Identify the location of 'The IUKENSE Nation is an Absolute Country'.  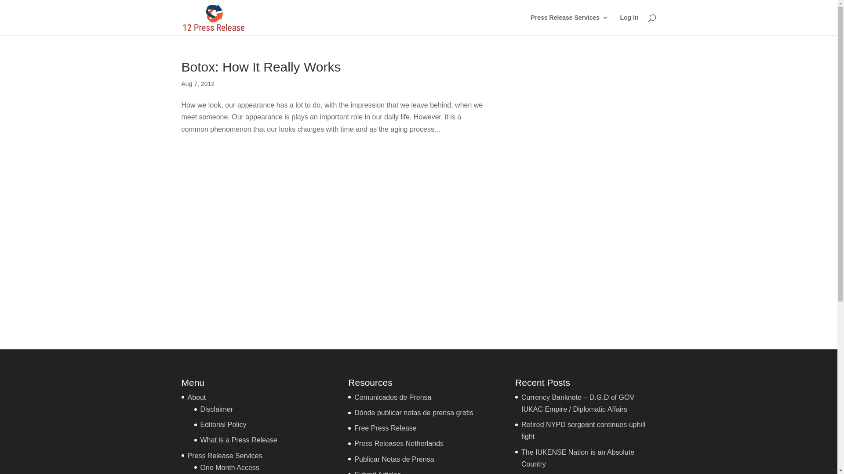
(578, 458).